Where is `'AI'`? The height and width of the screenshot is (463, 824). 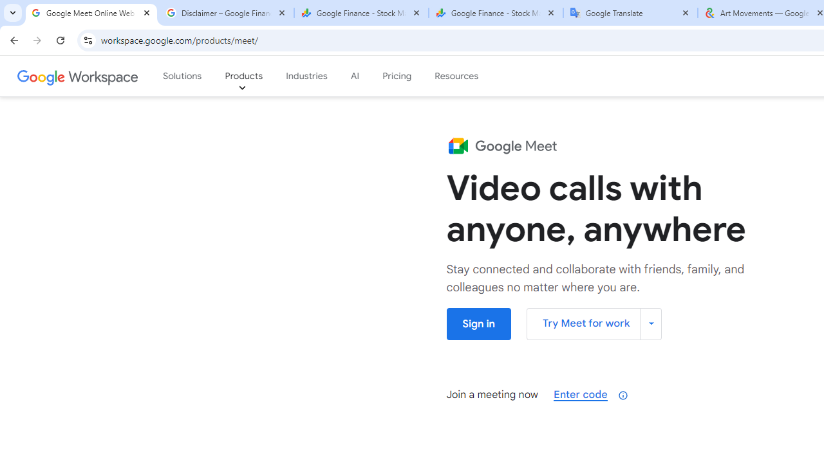
'AI' is located at coordinates (355, 77).